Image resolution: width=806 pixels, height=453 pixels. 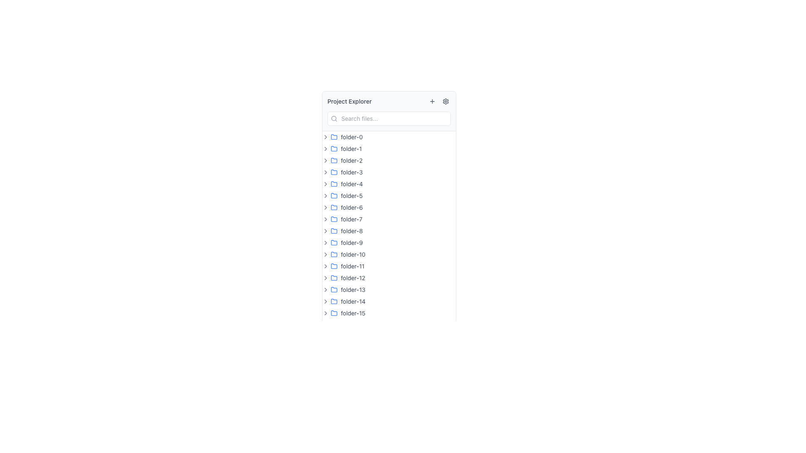 What do you see at coordinates (334, 118) in the screenshot?
I see `the search icon represented by a gray magnifying glass positioned to the left of the text input field in the search bar` at bounding box center [334, 118].